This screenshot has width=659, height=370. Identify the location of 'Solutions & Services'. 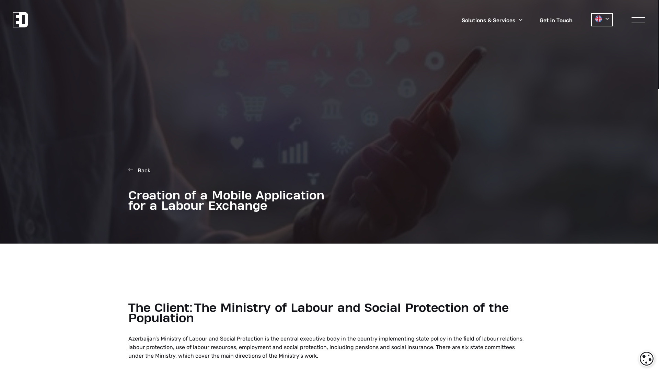
(492, 20).